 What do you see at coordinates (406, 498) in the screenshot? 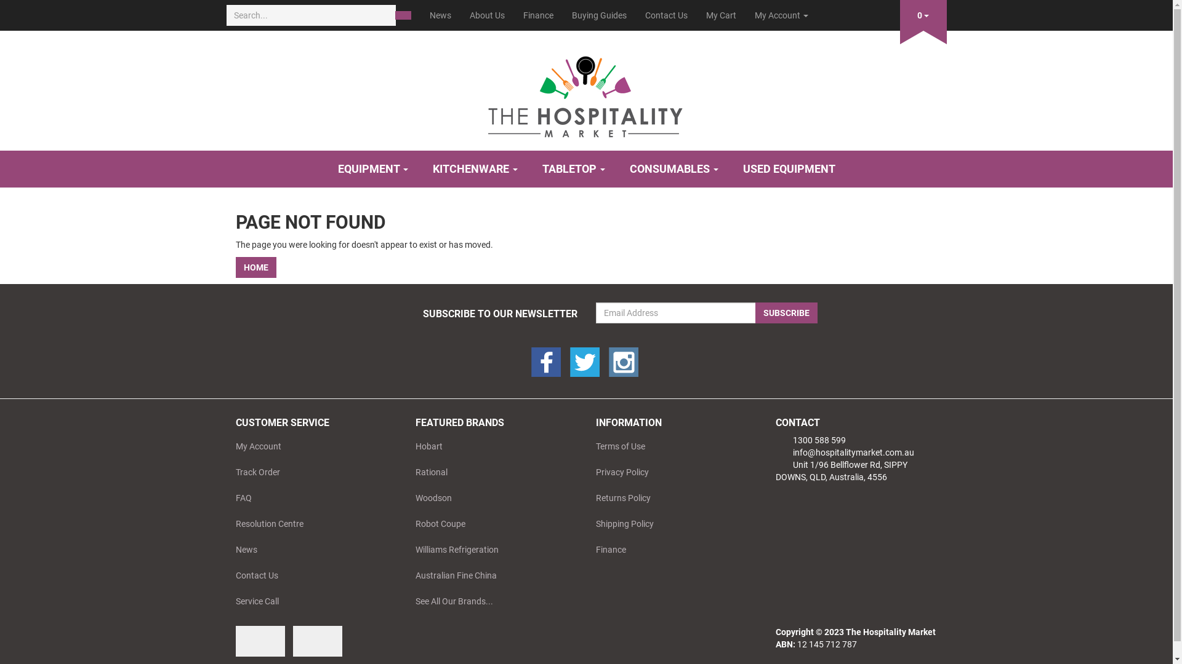
I see `'Woodson'` at bounding box center [406, 498].